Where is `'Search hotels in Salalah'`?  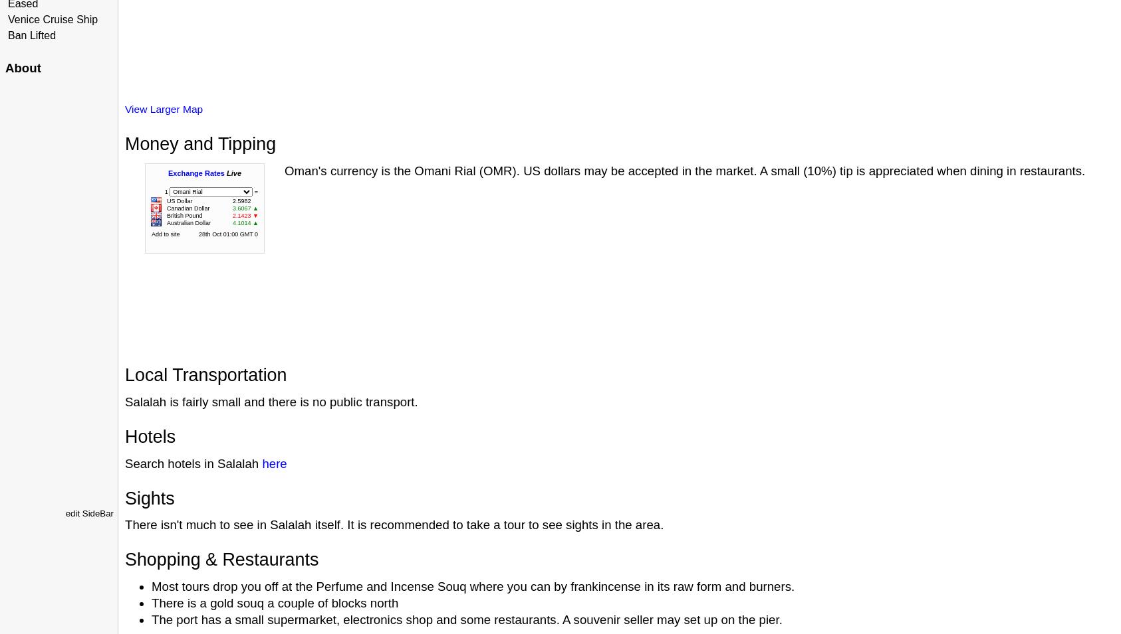 'Search hotels in Salalah' is located at coordinates (193, 462).